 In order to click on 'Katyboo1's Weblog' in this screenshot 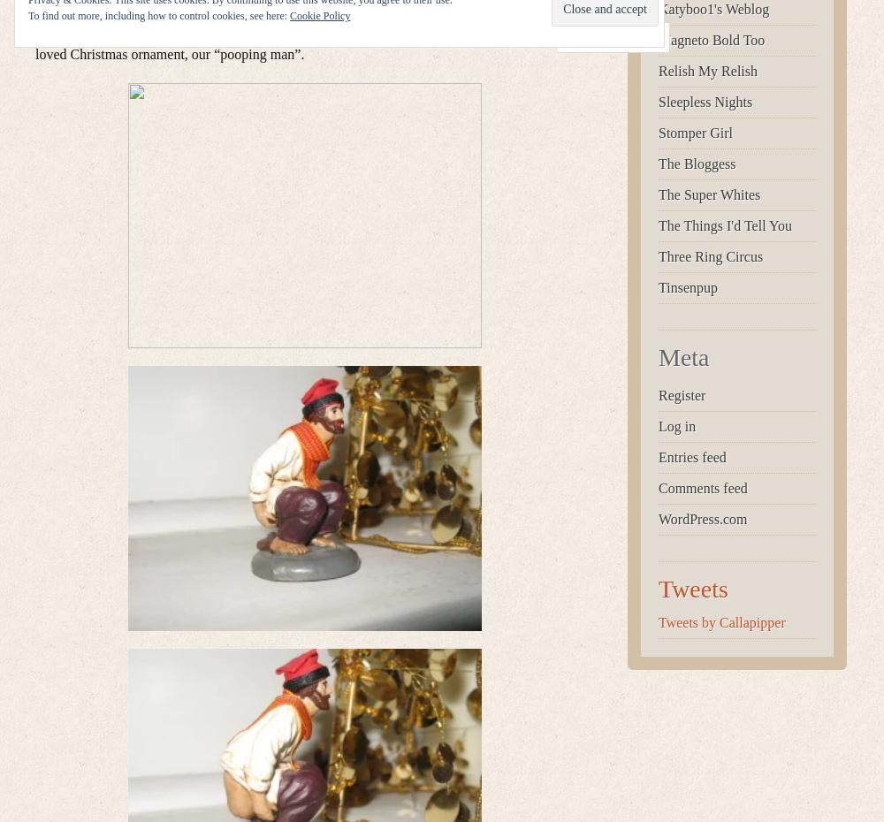, I will do `click(713, 8)`.